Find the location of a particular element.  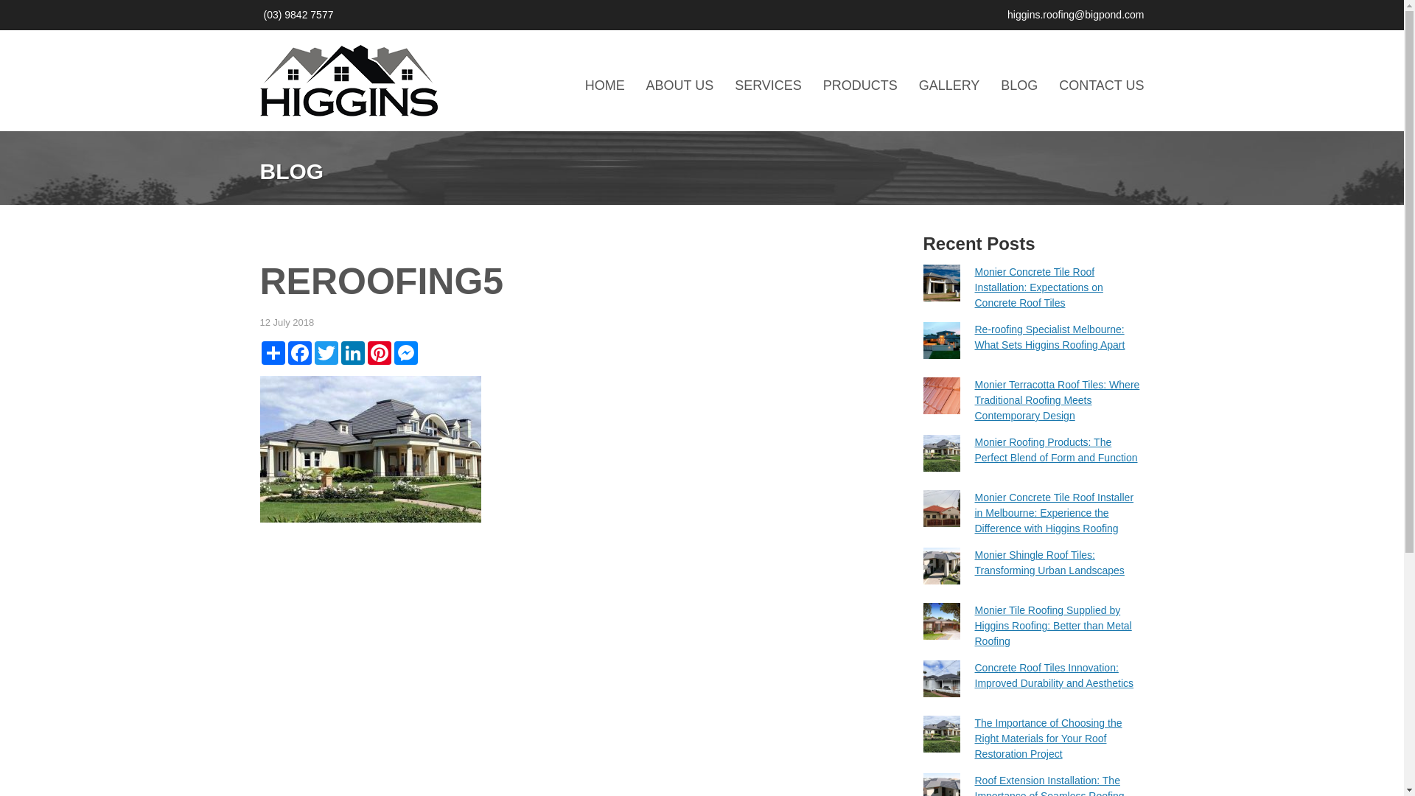

'ABOUT US' is located at coordinates (646, 85).